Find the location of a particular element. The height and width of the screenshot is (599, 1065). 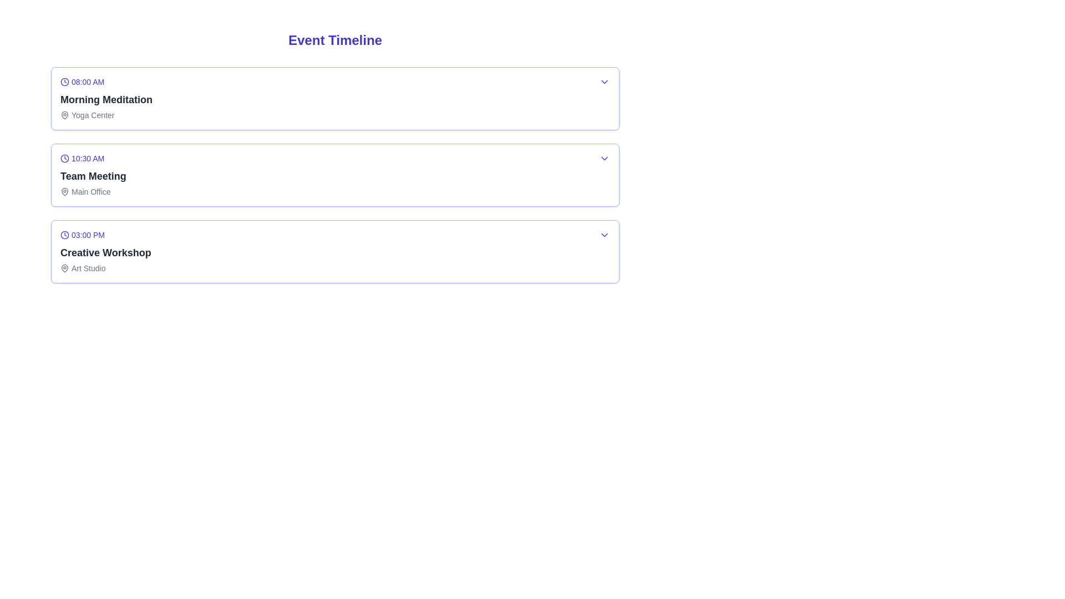

the circular graphical element located at the center of the clock icon, which is positioned to the left of '03:00 PM' and above 'Creative Workshop' in the third event card is located at coordinates (64, 235).